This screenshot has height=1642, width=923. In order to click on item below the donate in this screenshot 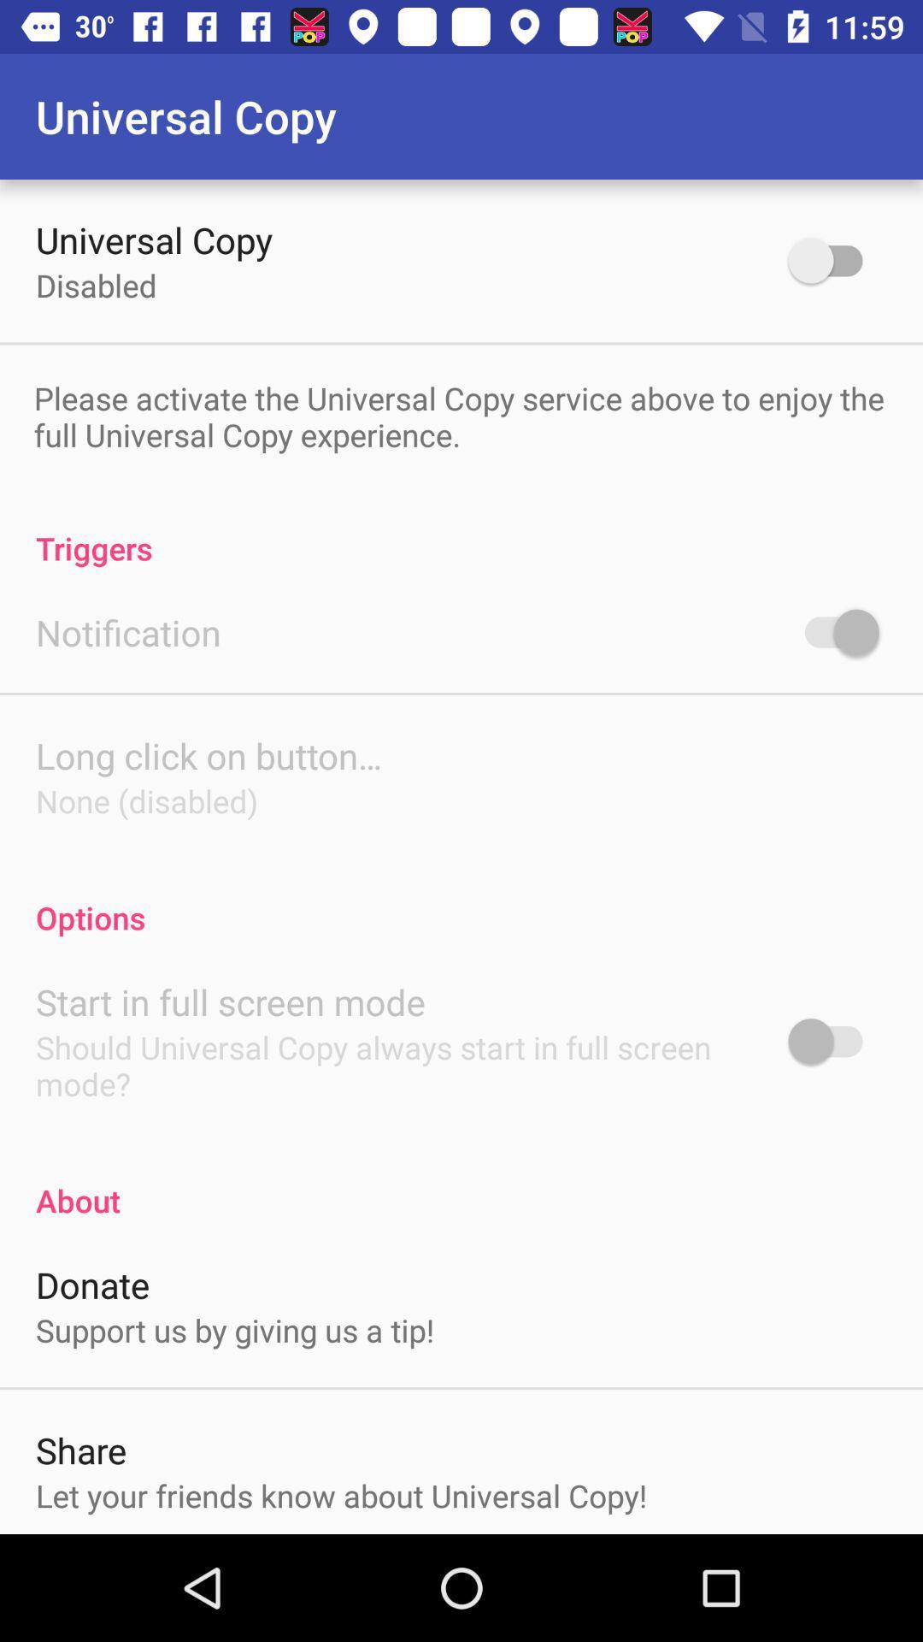, I will do `click(235, 1329)`.